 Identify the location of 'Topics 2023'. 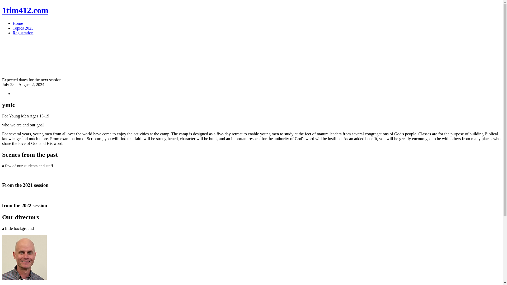
(22, 28).